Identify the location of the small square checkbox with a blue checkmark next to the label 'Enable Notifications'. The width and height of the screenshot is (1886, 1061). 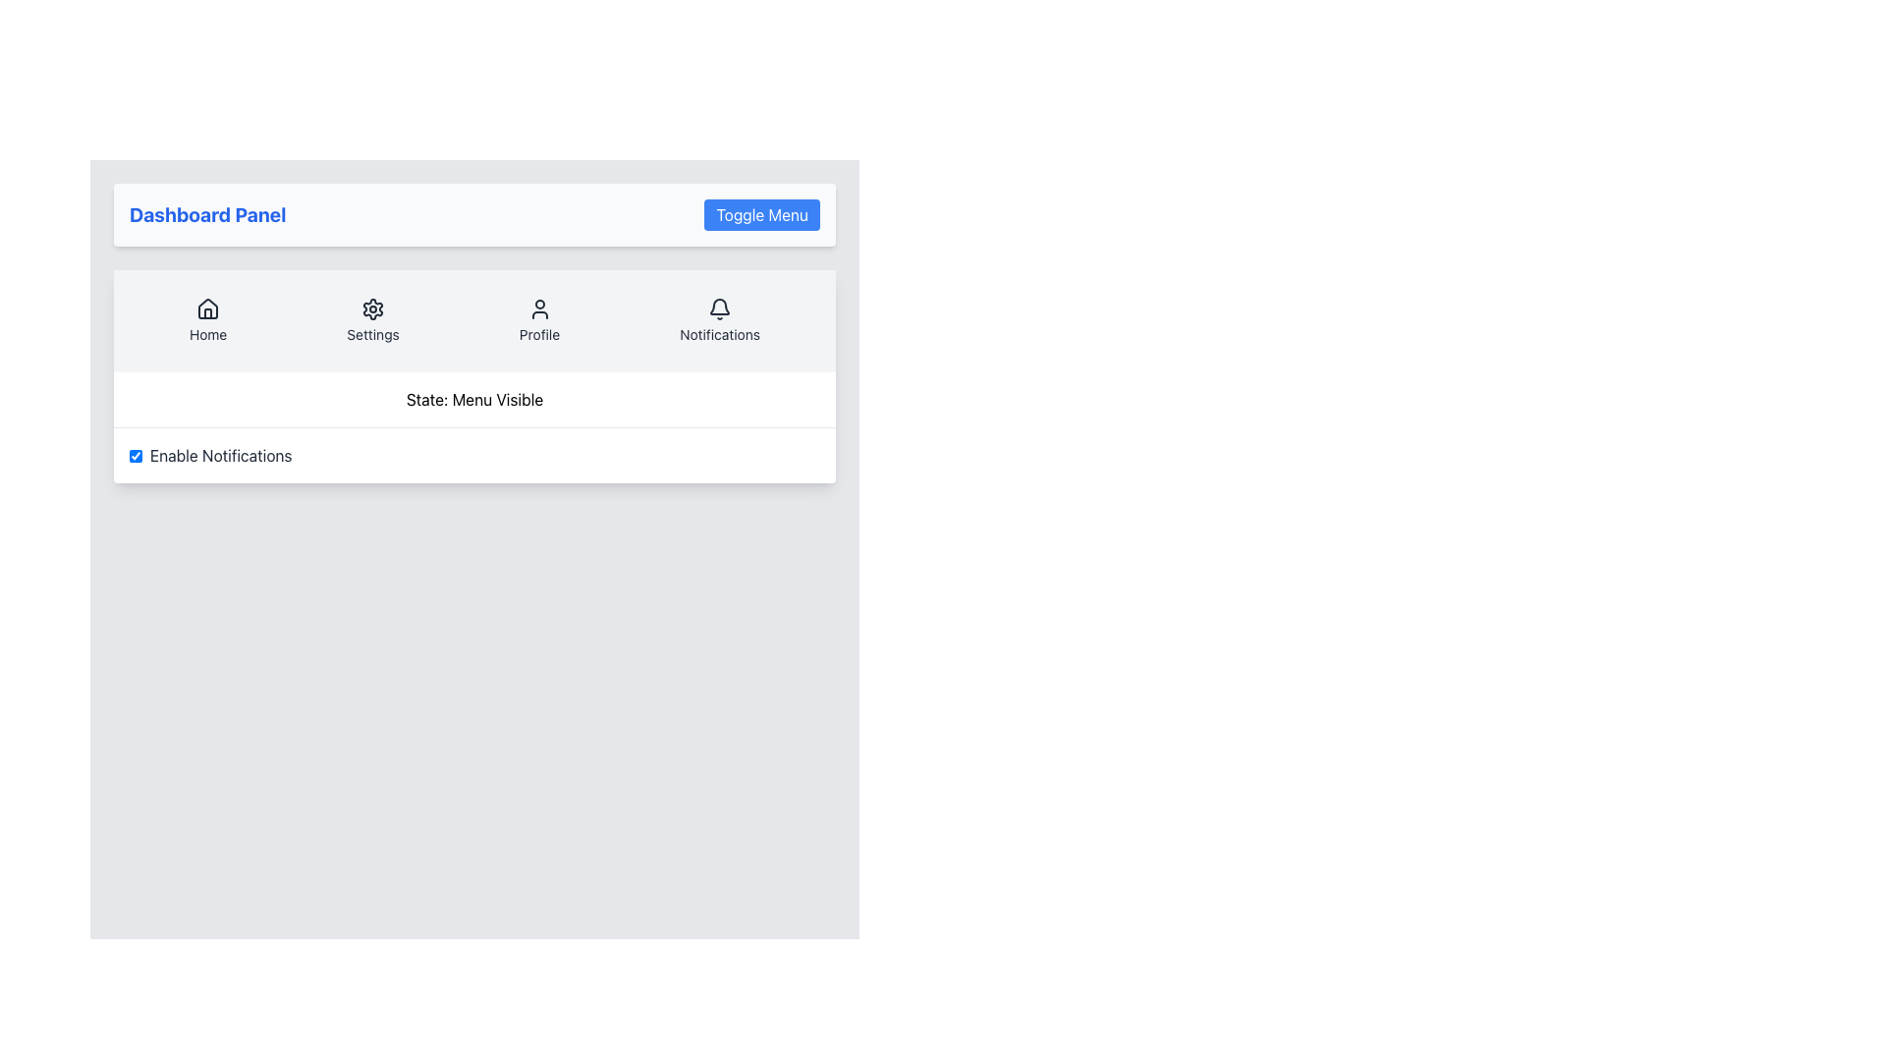
(135, 455).